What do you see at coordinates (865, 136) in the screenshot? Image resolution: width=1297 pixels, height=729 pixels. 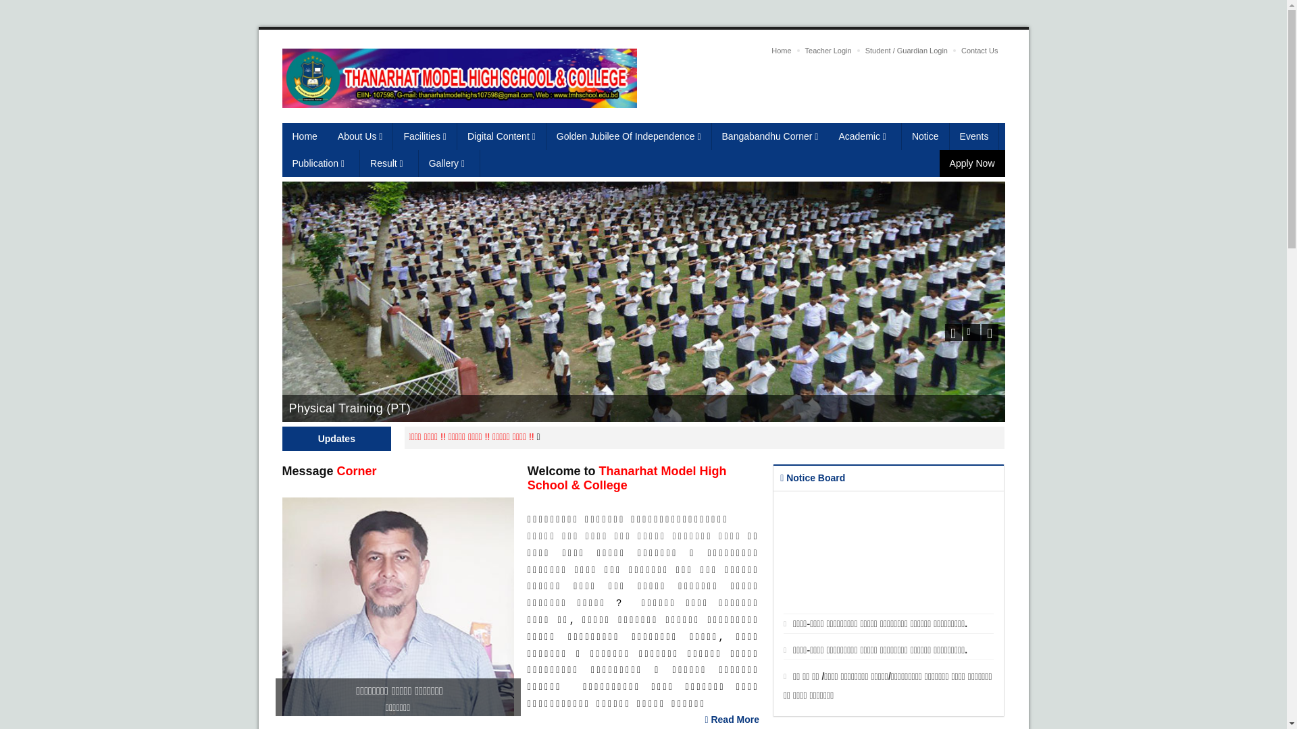 I see `'Academic'` at bounding box center [865, 136].